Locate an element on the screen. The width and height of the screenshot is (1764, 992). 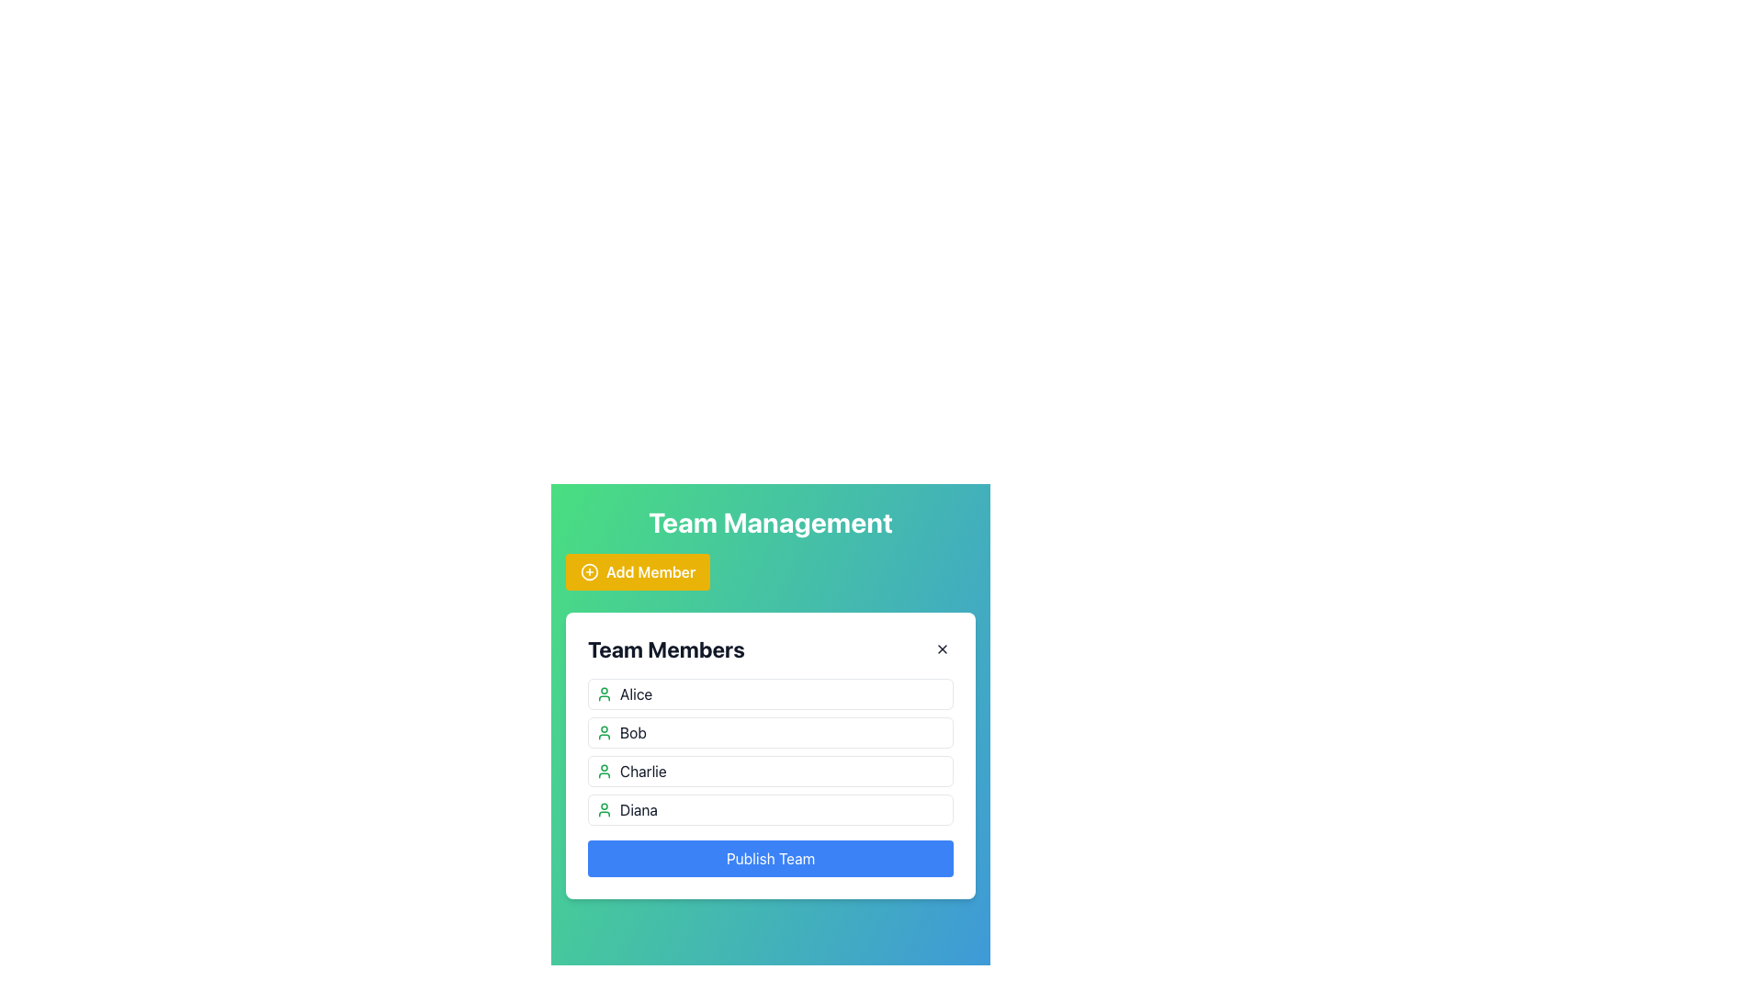
the user icon depicted as a profile silhouette within a circular placeholder, which is styled in green and located to the left of the text 'Bob' in the Team Members list is located at coordinates (604, 732).